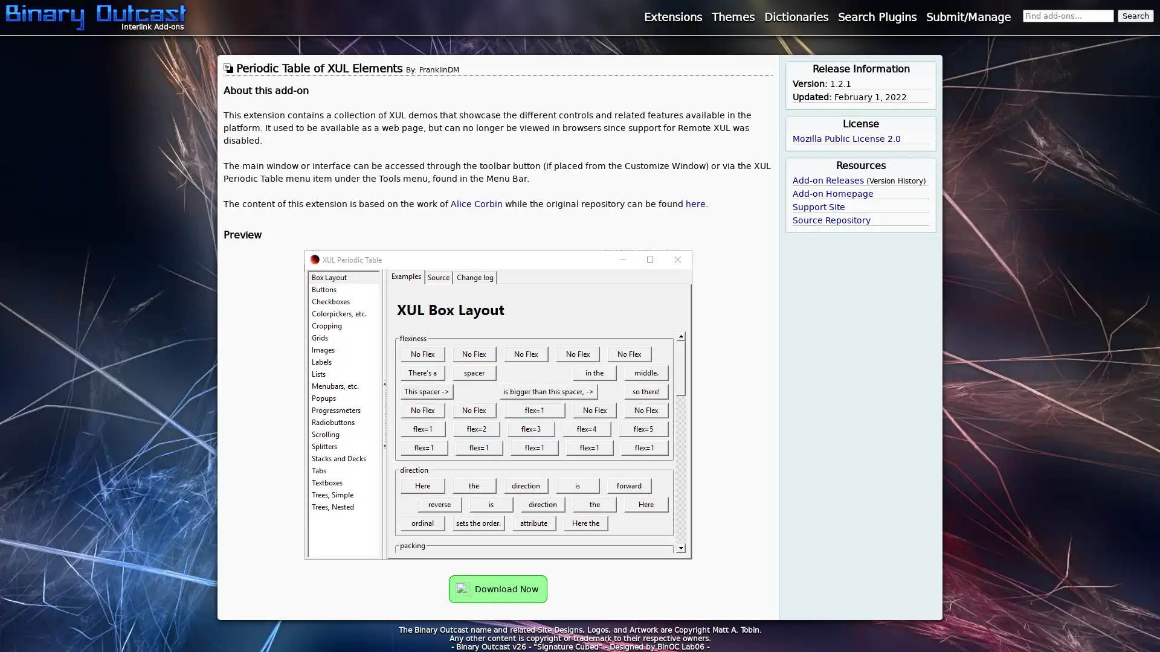 This screenshot has height=652, width=1160. I want to click on Search, so click(1135, 16).